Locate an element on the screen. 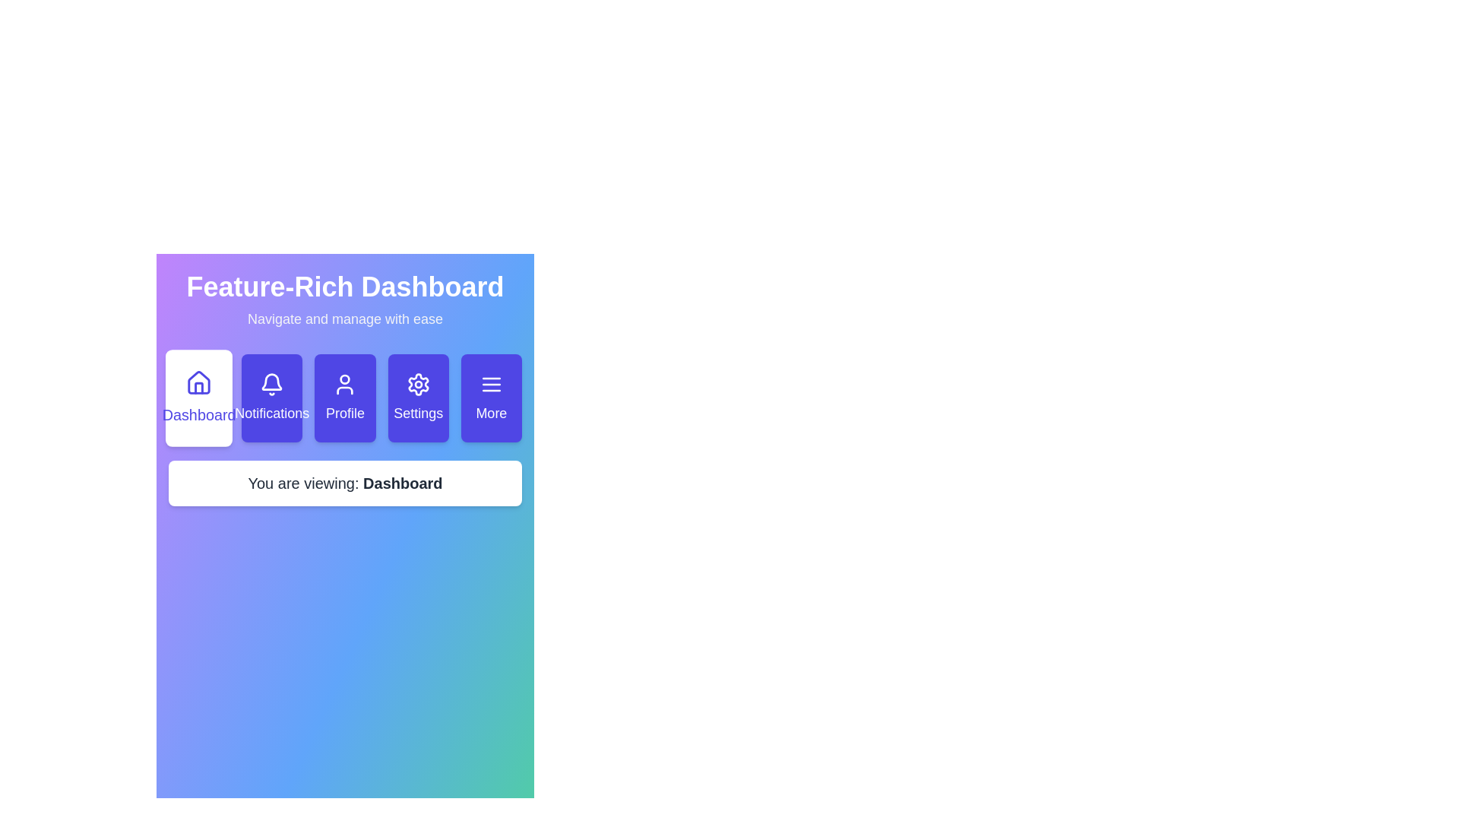 This screenshot has height=821, width=1459. the settings icon located centrally within the 'Settings' button, which is slightly above the text label 'Settings' is located at coordinates (418, 383).